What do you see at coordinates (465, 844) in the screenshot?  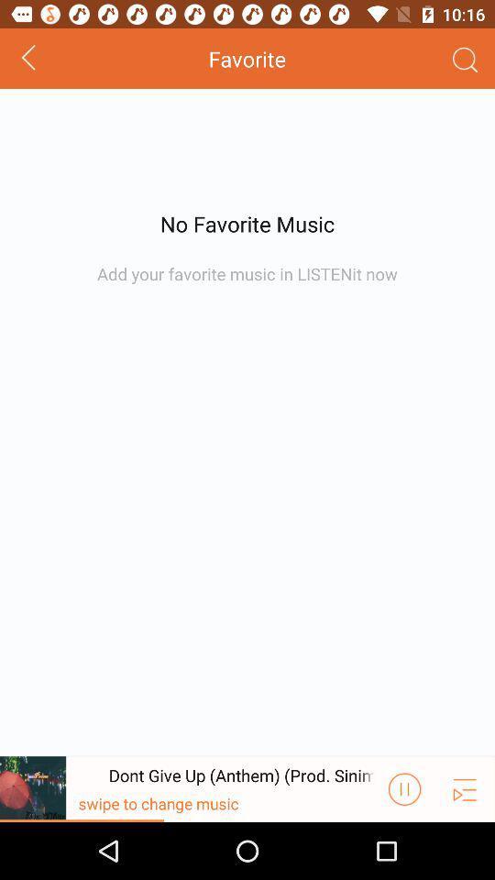 I see `the list icon` at bounding box center [465, 844].